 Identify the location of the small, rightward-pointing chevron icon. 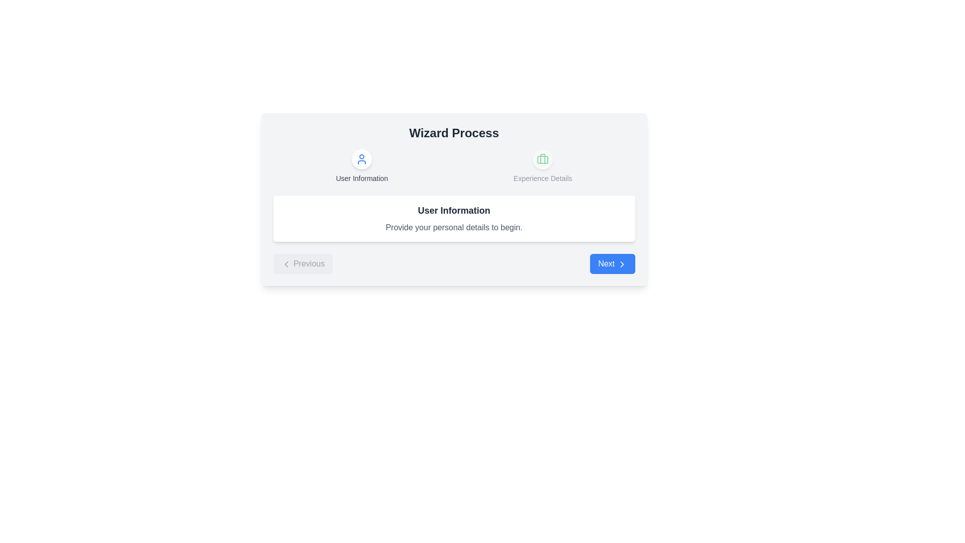
(621, 263).